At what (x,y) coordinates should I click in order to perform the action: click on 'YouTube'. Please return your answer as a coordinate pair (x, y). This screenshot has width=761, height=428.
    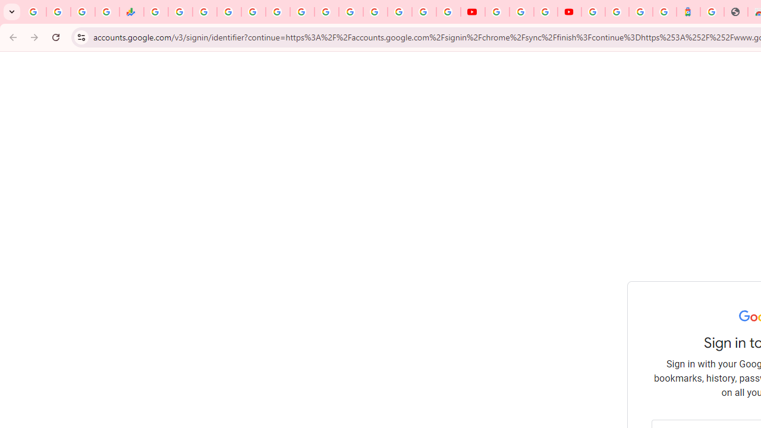
    Looking at the image, I should click on (472, 12).